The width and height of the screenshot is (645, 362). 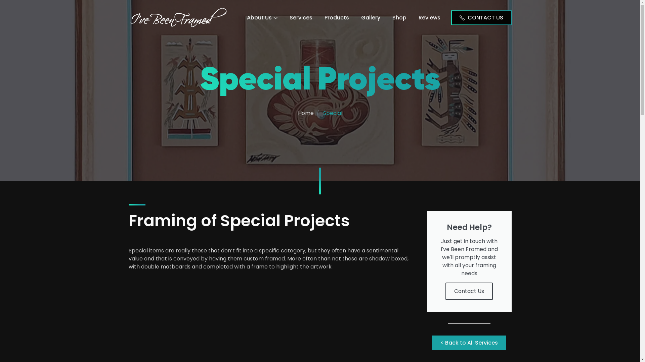 What do you see at coordinates (337, 17) in the screenshot?
I see `'Products'` at bounding box center [337, 17].